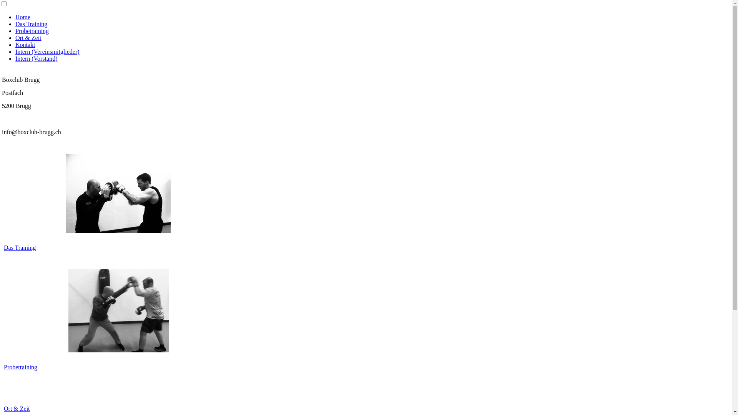  What do you see at coordinates (28, 38) in the screenshot?
I see `'Ort & Zeit'` at bounding box center [28, 38].